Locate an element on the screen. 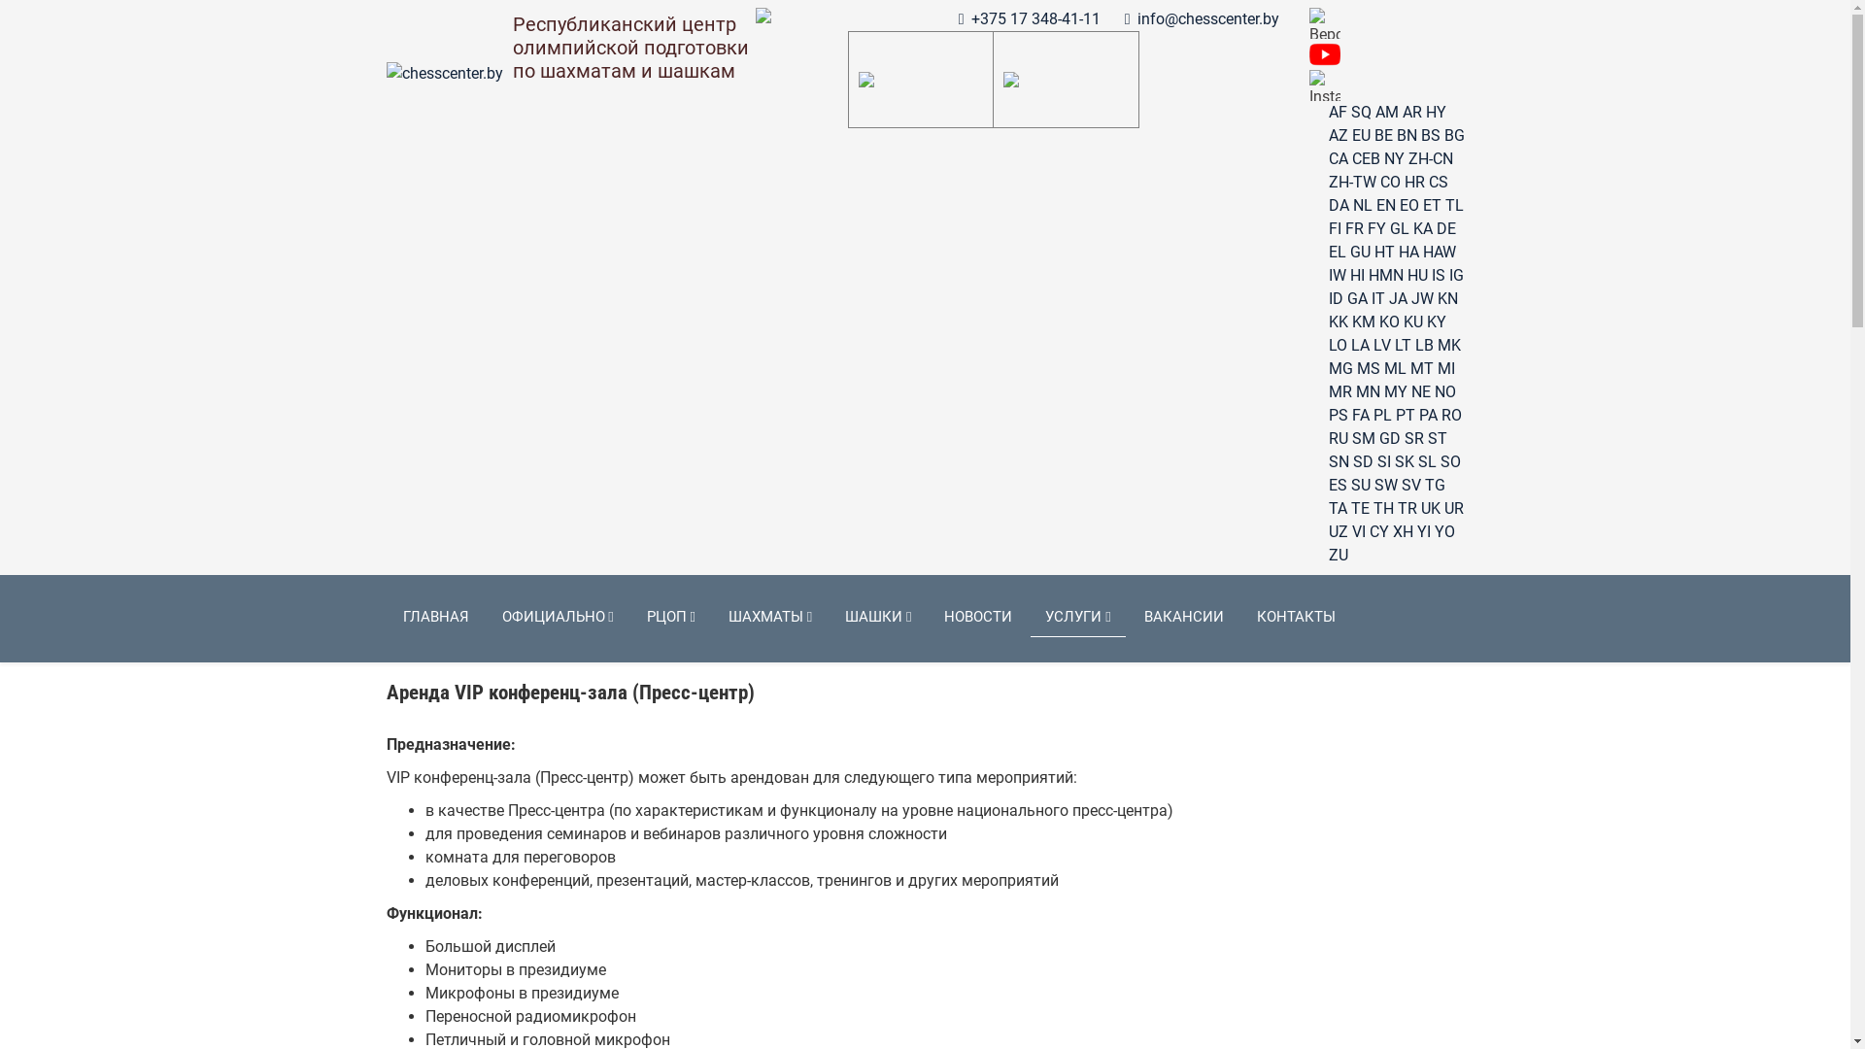 This screenshot has height=1049, width=1865. 'MT' is located at coordinates (1422, 368).